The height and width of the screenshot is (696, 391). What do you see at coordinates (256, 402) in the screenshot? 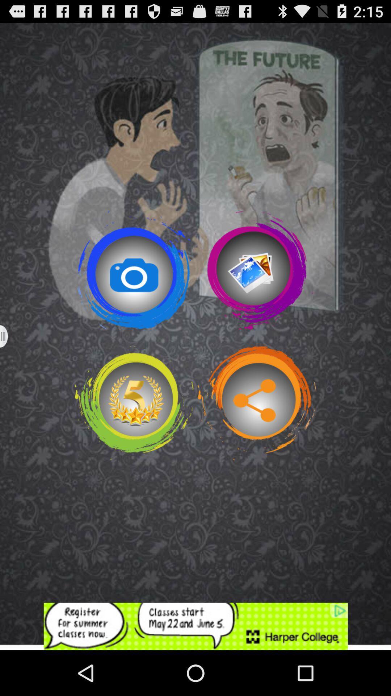
I see `share option` at bounding box center [256, 402].